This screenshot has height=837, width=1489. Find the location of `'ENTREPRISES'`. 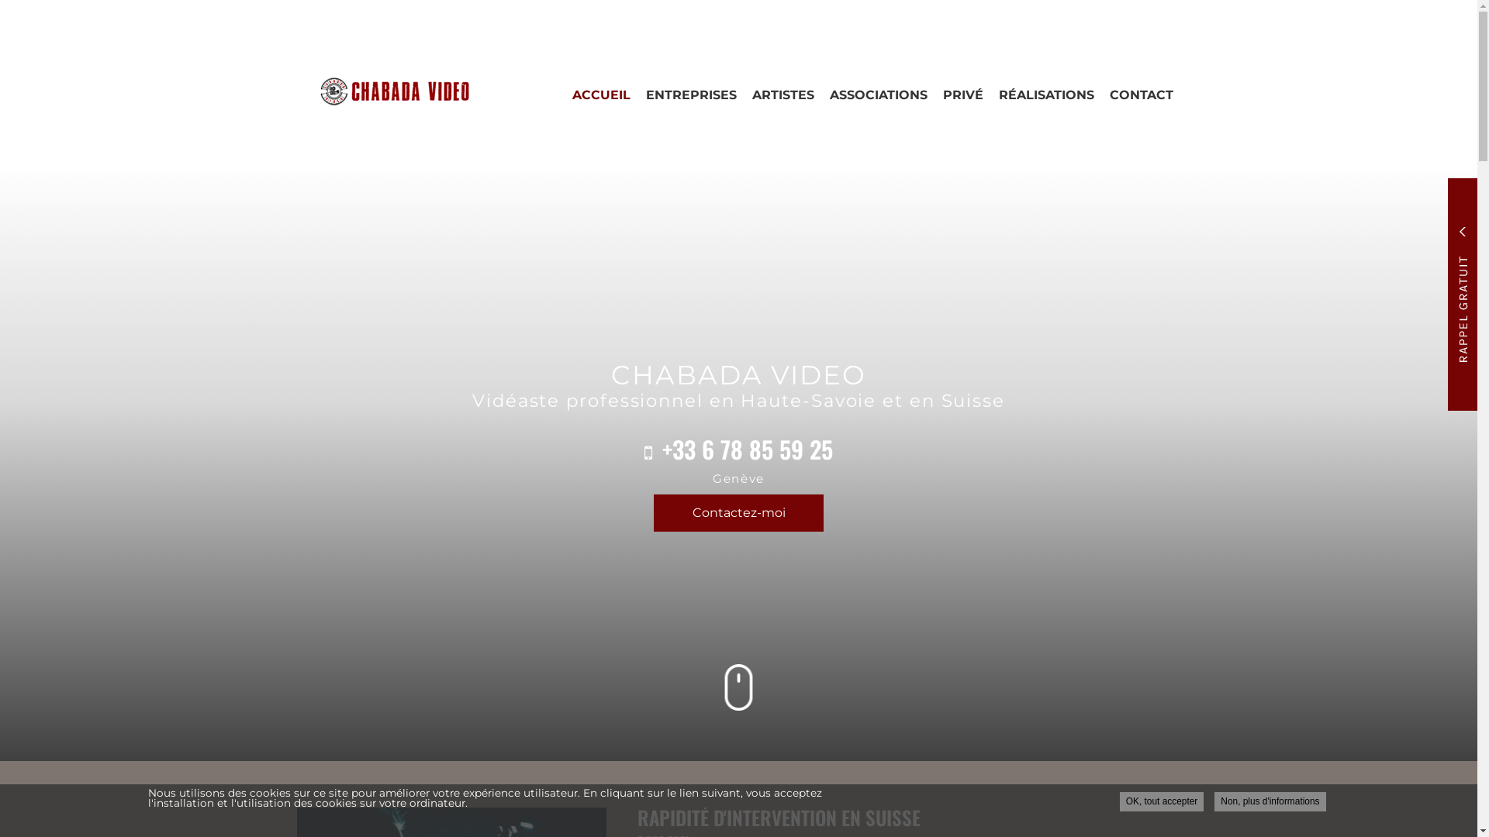

'ENTREPRISES' is located at coordinates (689, 95).